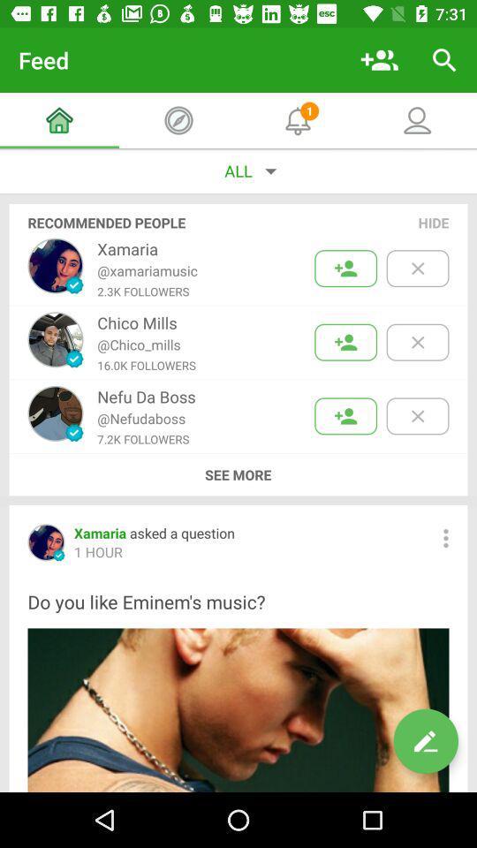  I want to click on follow user, so click(345, 269).